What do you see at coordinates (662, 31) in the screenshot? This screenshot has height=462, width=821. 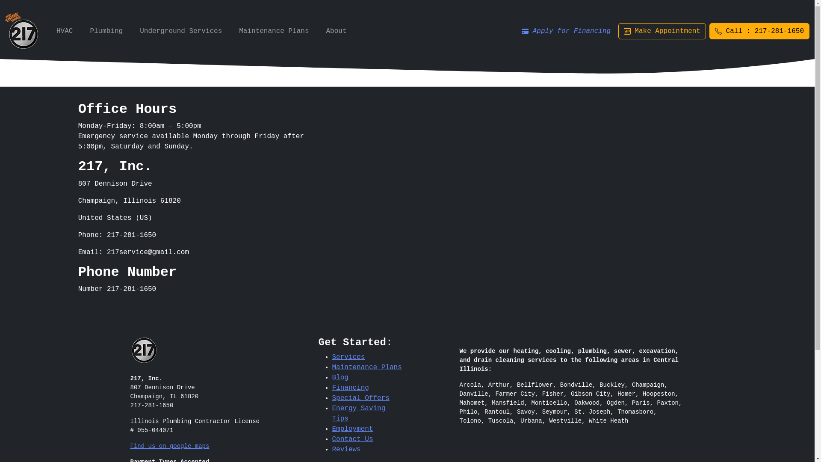 I see `'Make Appointment'` at bounding box center [662, 31].